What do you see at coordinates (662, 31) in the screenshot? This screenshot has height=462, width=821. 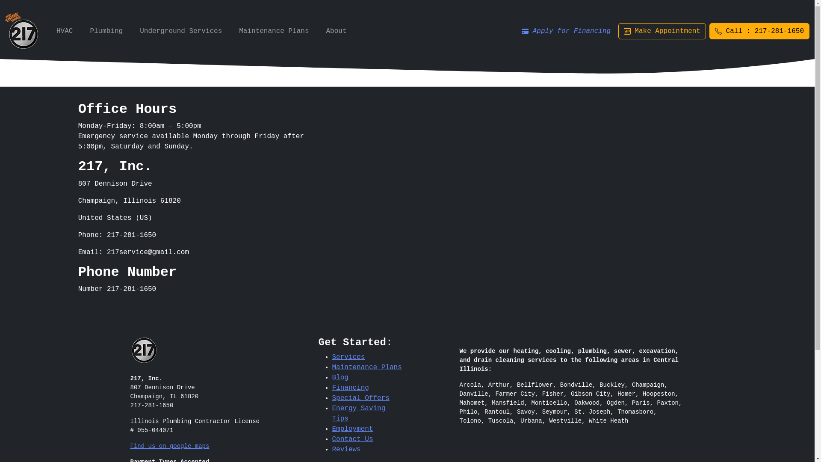 I see `'Make Appointment'` at bounding box center [662, 31].